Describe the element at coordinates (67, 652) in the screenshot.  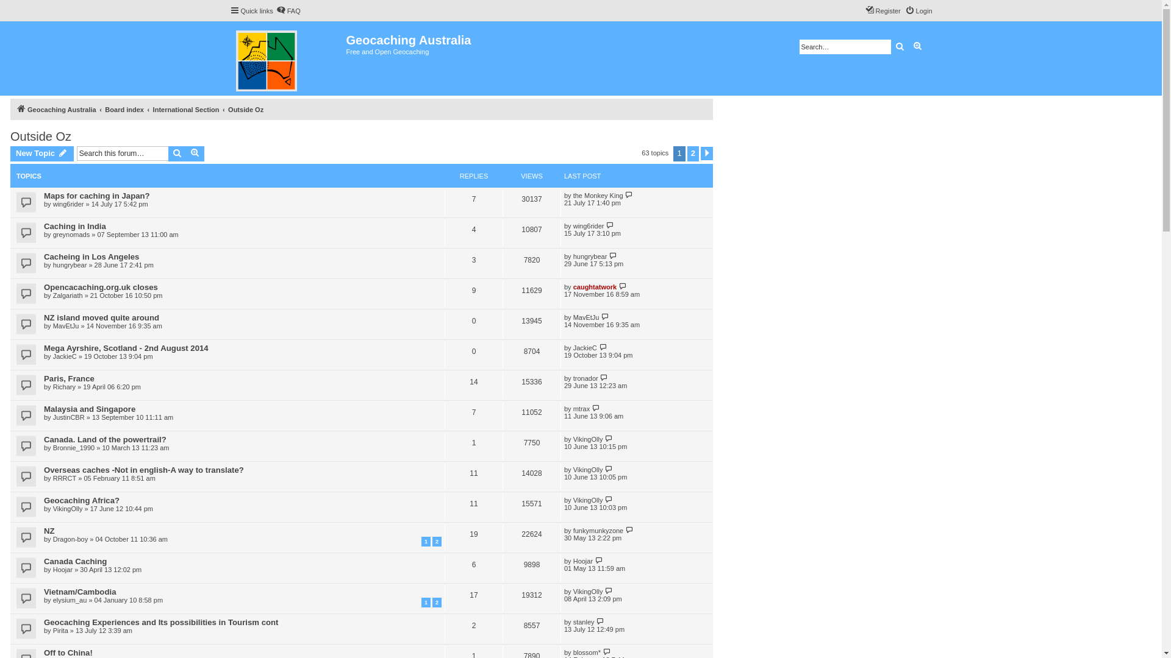
I see `'Off to China!'` at that location.